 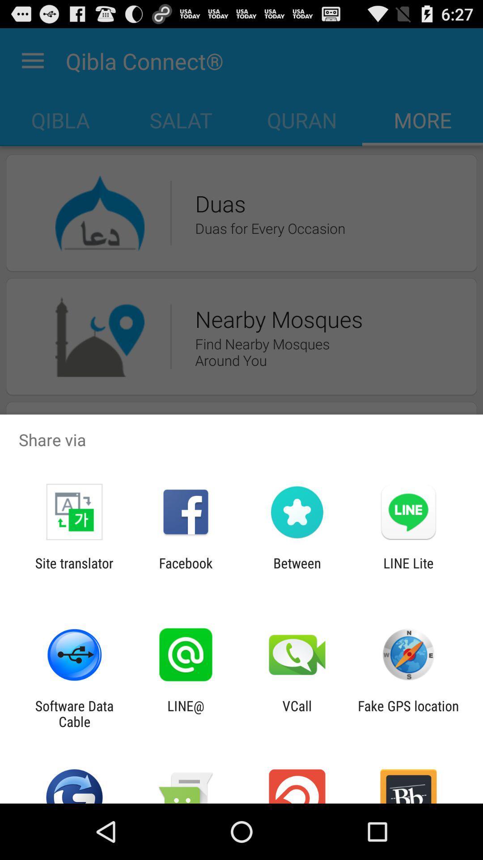 What do you see at coordinates (185, 571) in the screenshot?
I see `item to the right of site translator icon` at bounding box center [185, 571].